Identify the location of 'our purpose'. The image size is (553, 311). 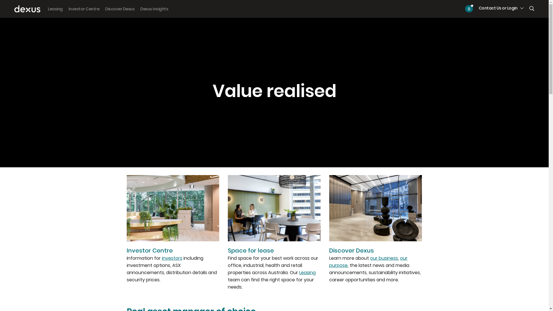
(368, 262).